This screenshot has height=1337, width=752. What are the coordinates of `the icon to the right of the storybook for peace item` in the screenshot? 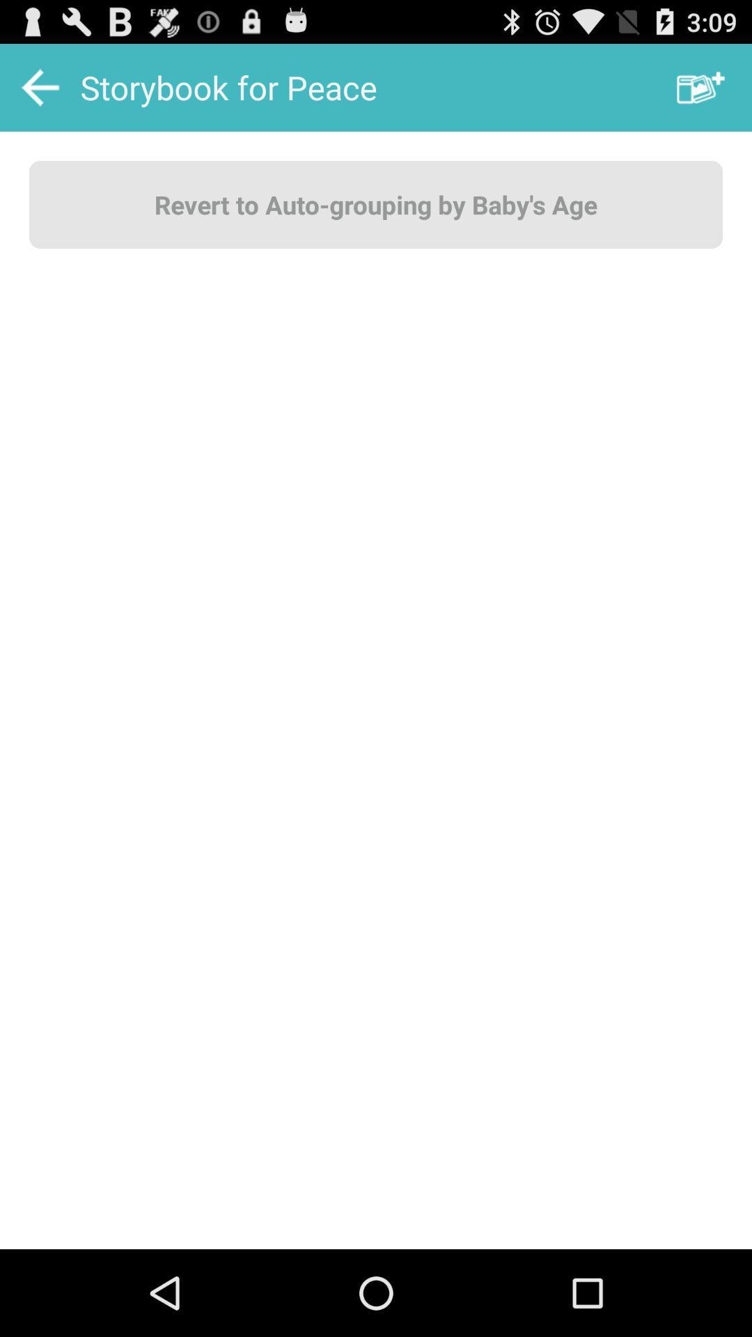 It's located at (700, 86).